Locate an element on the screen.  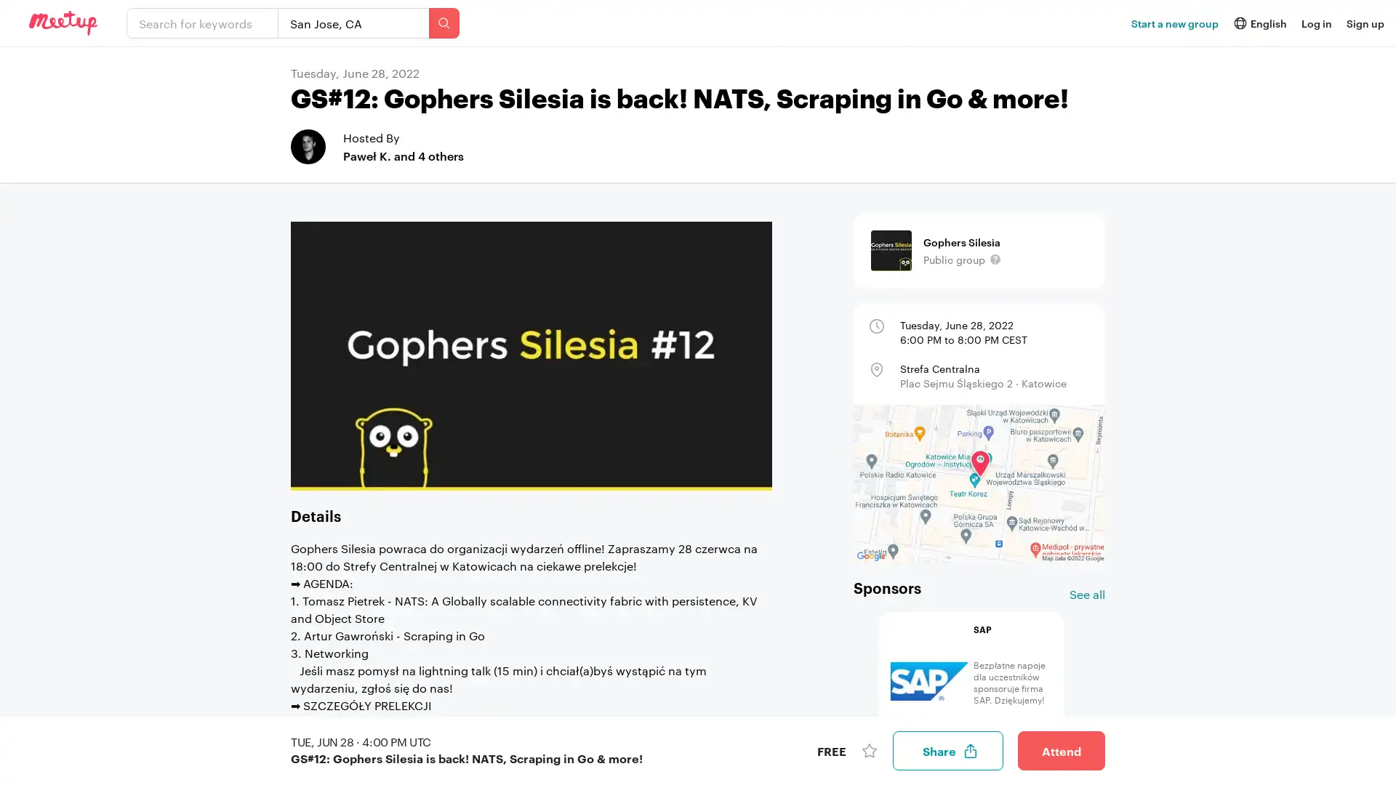
Search events is located at coordinates (443, 23).